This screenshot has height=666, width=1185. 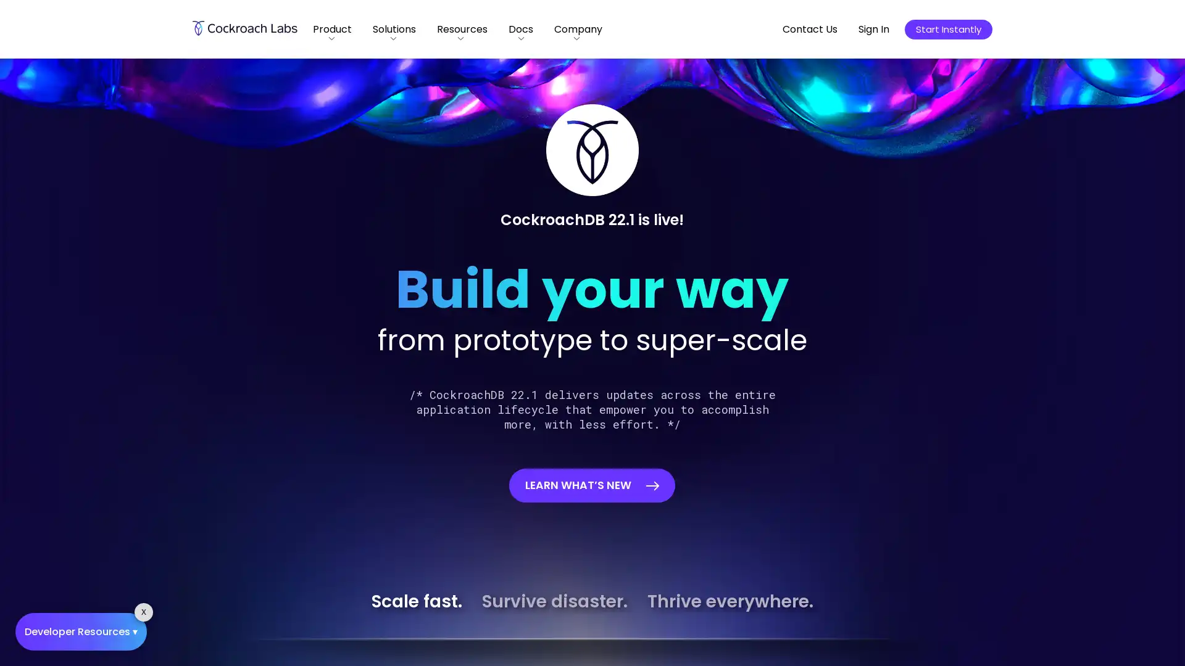 What do you see at coordinates (810, 28) in the screenshot?
I see `Contact Us` at bounding box center [810, 28].